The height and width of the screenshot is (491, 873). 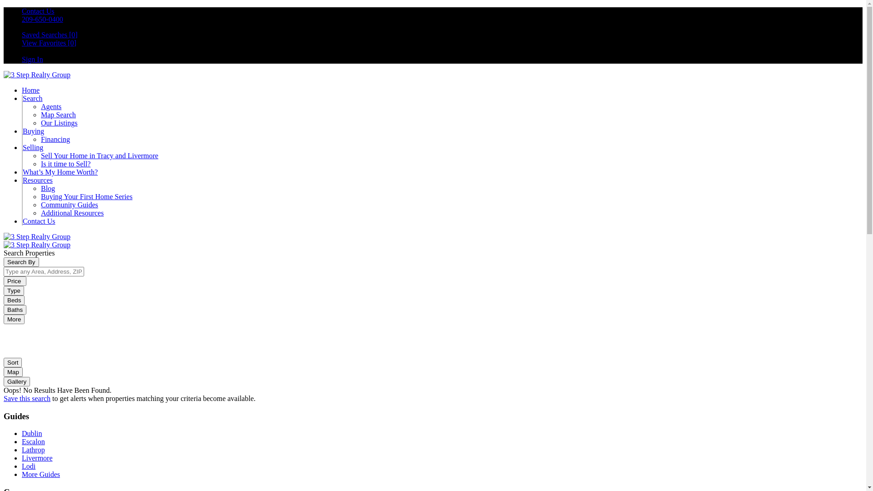 What do you see at coordinates (17, 381) in the screenshot?
I see `'Gallery'` at bounding box center [17, 381].